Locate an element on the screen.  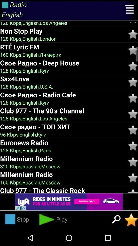
make it favourite is located at coordinates (133, 98).